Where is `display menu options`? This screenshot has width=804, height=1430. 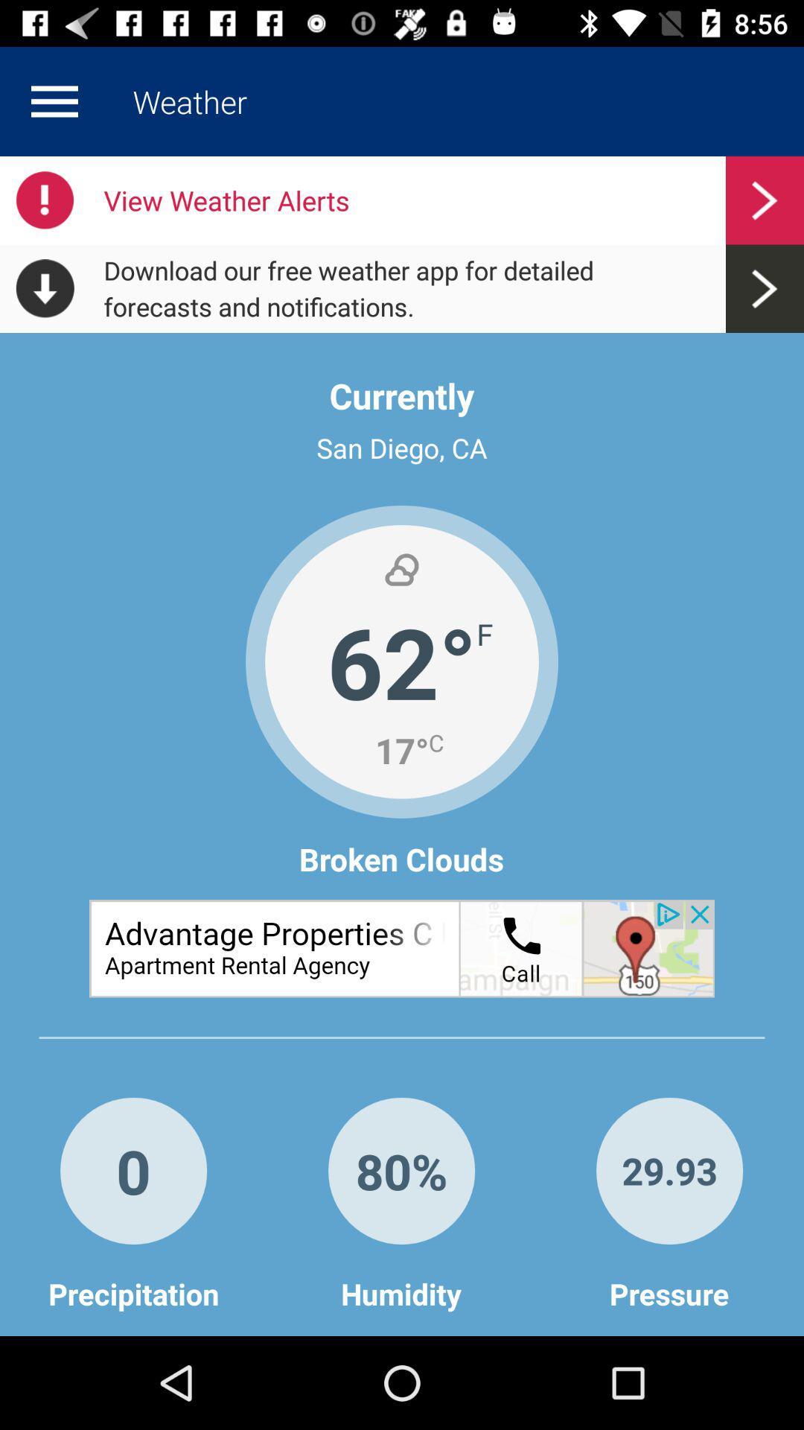
display menu options is located at coordinates (54, 101).